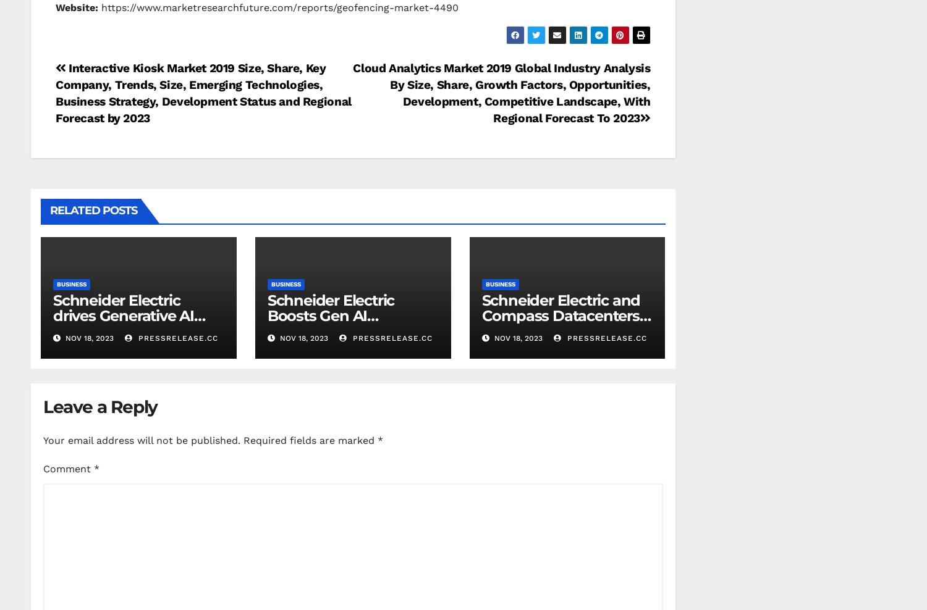 This screenshot has width=927, height=610. I want to click on 'Schneider Electric drives Generative AI productivity and sustainability solutions by integrating Microsoft Azure OpenAI', so click(137, 338).